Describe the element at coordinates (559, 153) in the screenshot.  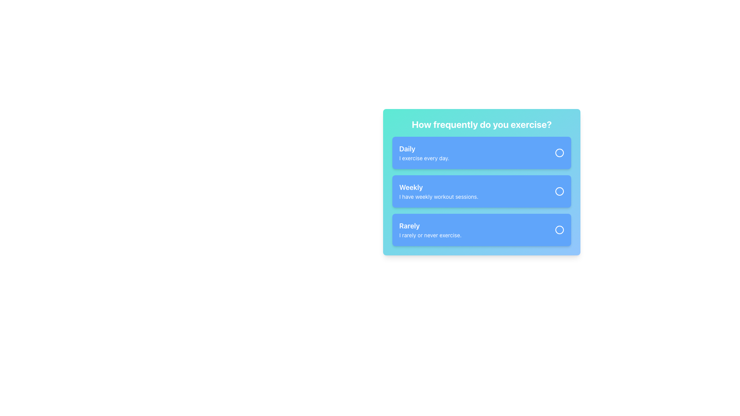
I see `SVG circle element that represents the 'Daily' option in the radio button control` at that location.